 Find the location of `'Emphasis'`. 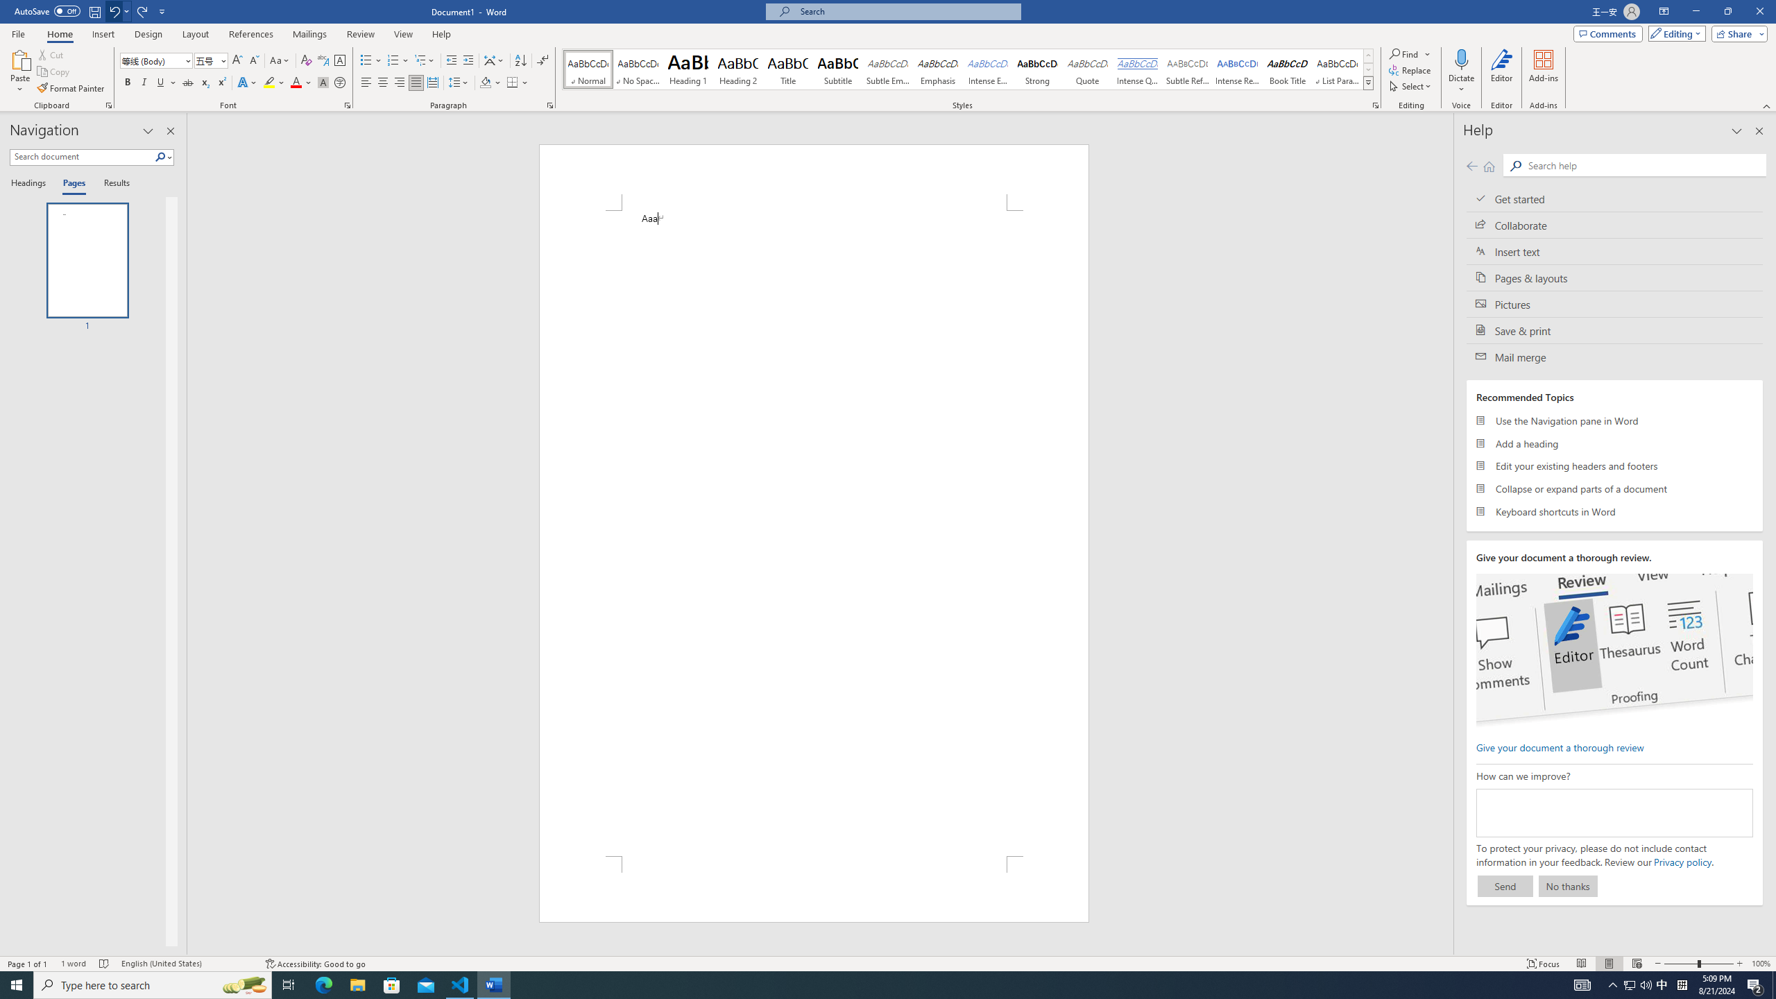

'Emphasis' is located at coordinates (937, 69).